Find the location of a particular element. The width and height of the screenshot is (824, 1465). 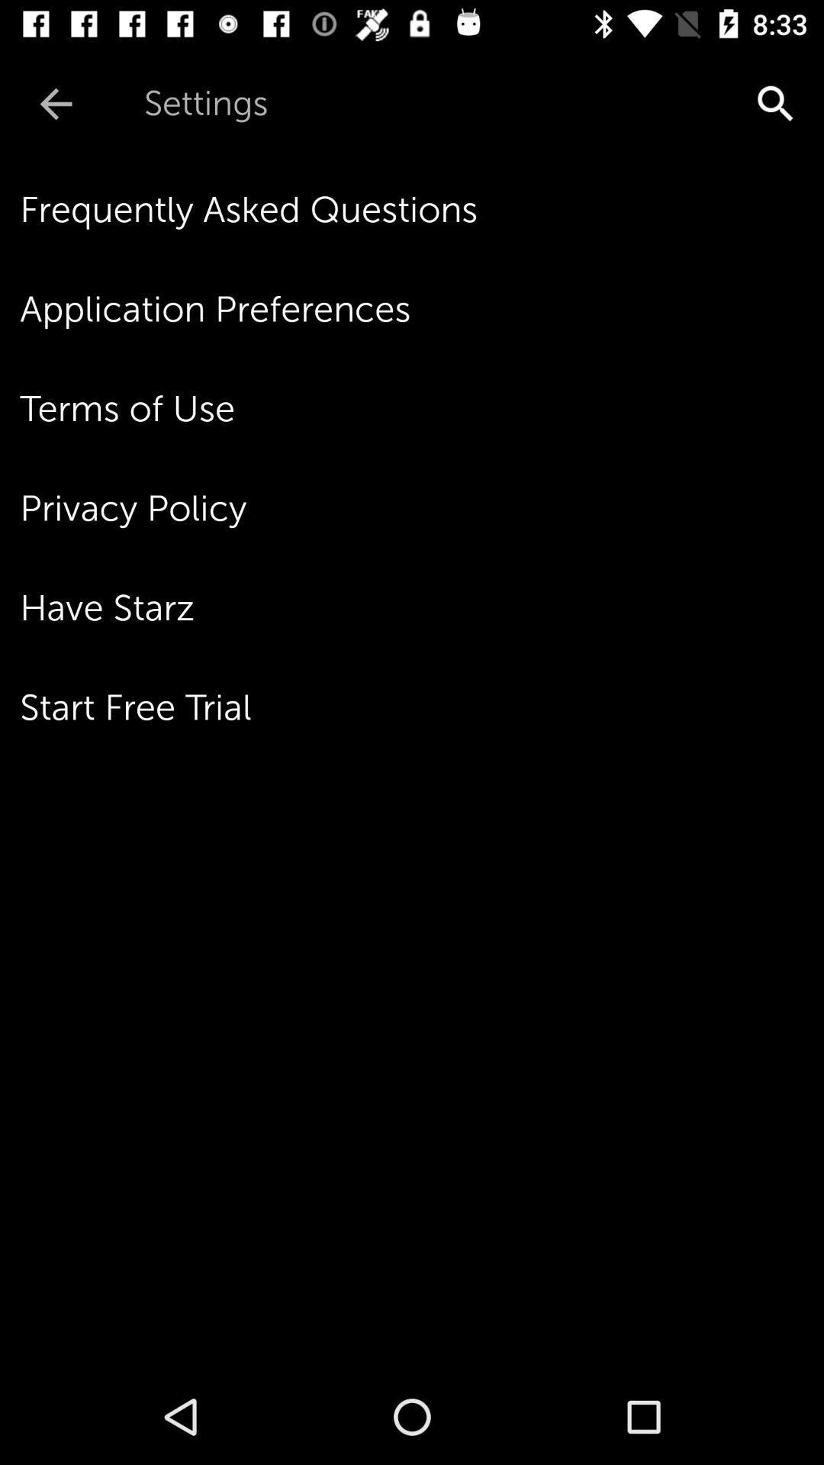

the application preferences item is located at coordinates (422, 308).